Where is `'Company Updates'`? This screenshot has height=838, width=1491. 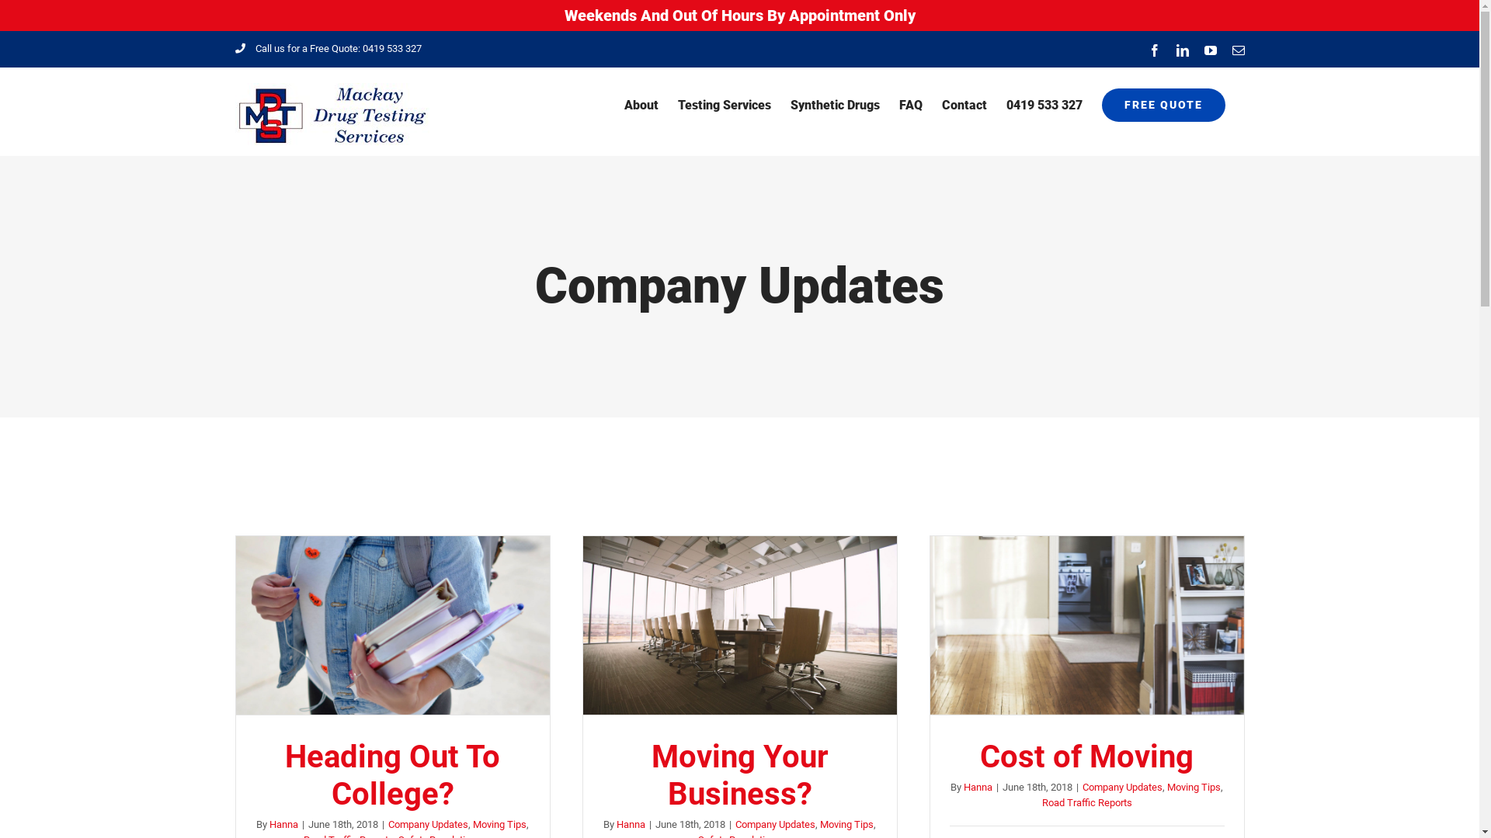 'Company Updates' is located at coordinates (428, 823).